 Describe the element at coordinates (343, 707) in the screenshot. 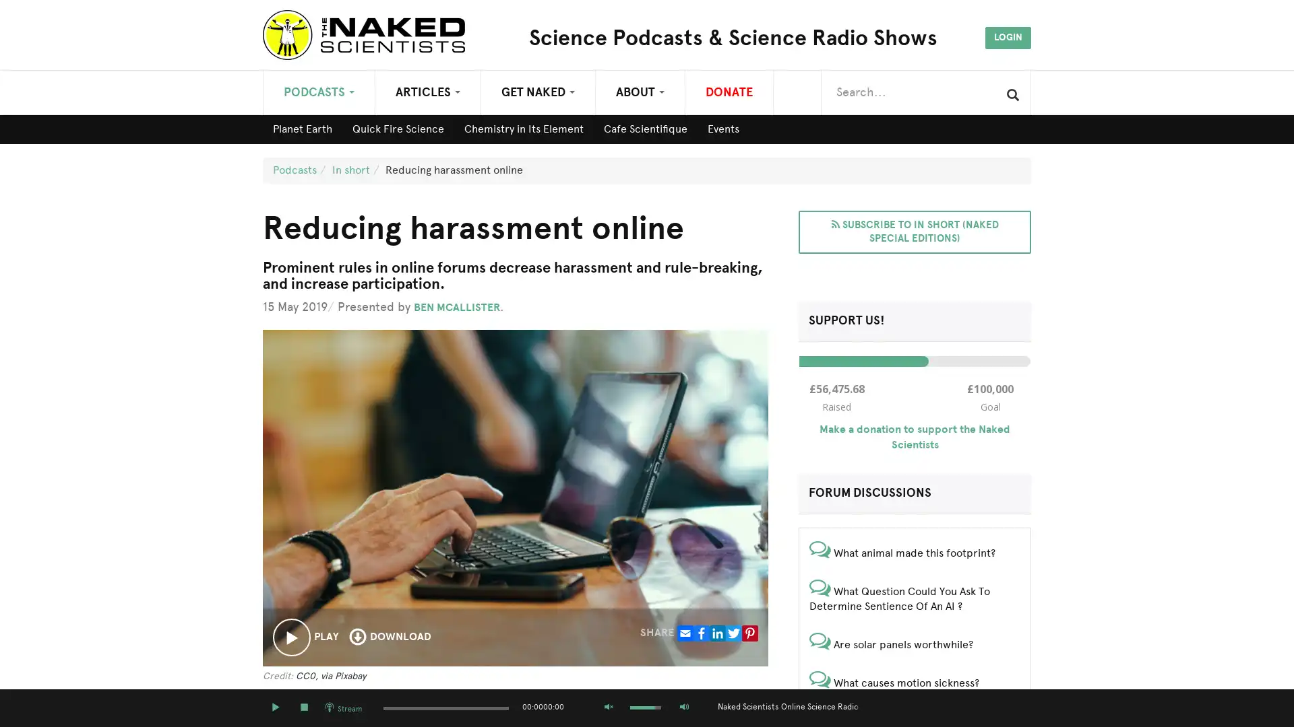

I see `Stream` at that location.